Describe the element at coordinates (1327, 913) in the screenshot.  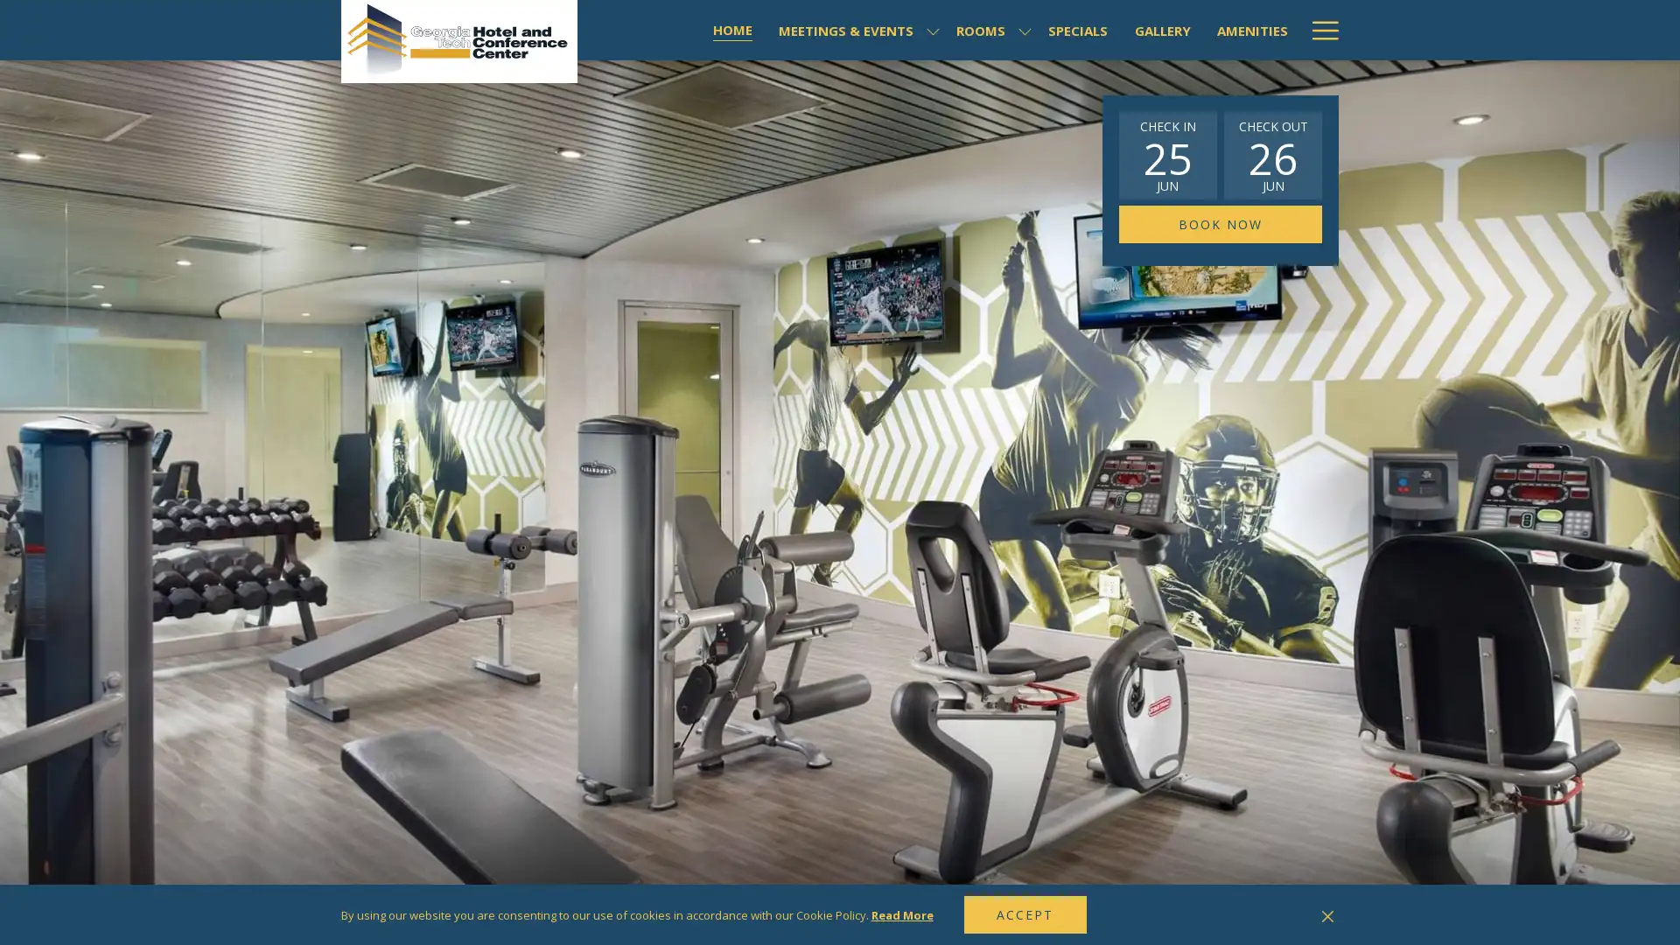
I see `Dismiss cookie policy` at that location.